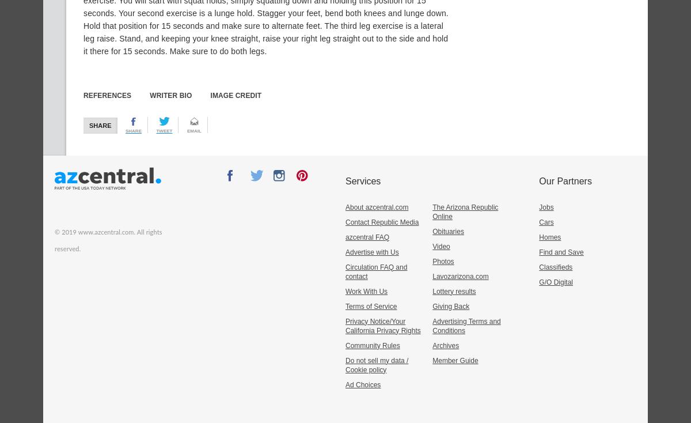  Describe the element at coordinates (561, 252) in the screenshot. I see `'Find and Save'` at that location.